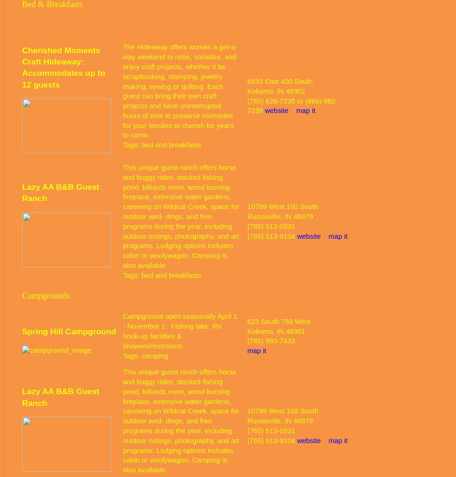 The height and width of the screenshot is (477, 456). I want to click on 'The Hideaway offers women a get-a-way weekend to relax, socialize, and enjoy craft projects, whether it be scrapbooking, stamping, jewelry making, sewing or quilting. Each guest can bring their own craft projects and have uninterrupted hours of time to preserve memories for your families to cherish for years to come.', so click(122, 91).